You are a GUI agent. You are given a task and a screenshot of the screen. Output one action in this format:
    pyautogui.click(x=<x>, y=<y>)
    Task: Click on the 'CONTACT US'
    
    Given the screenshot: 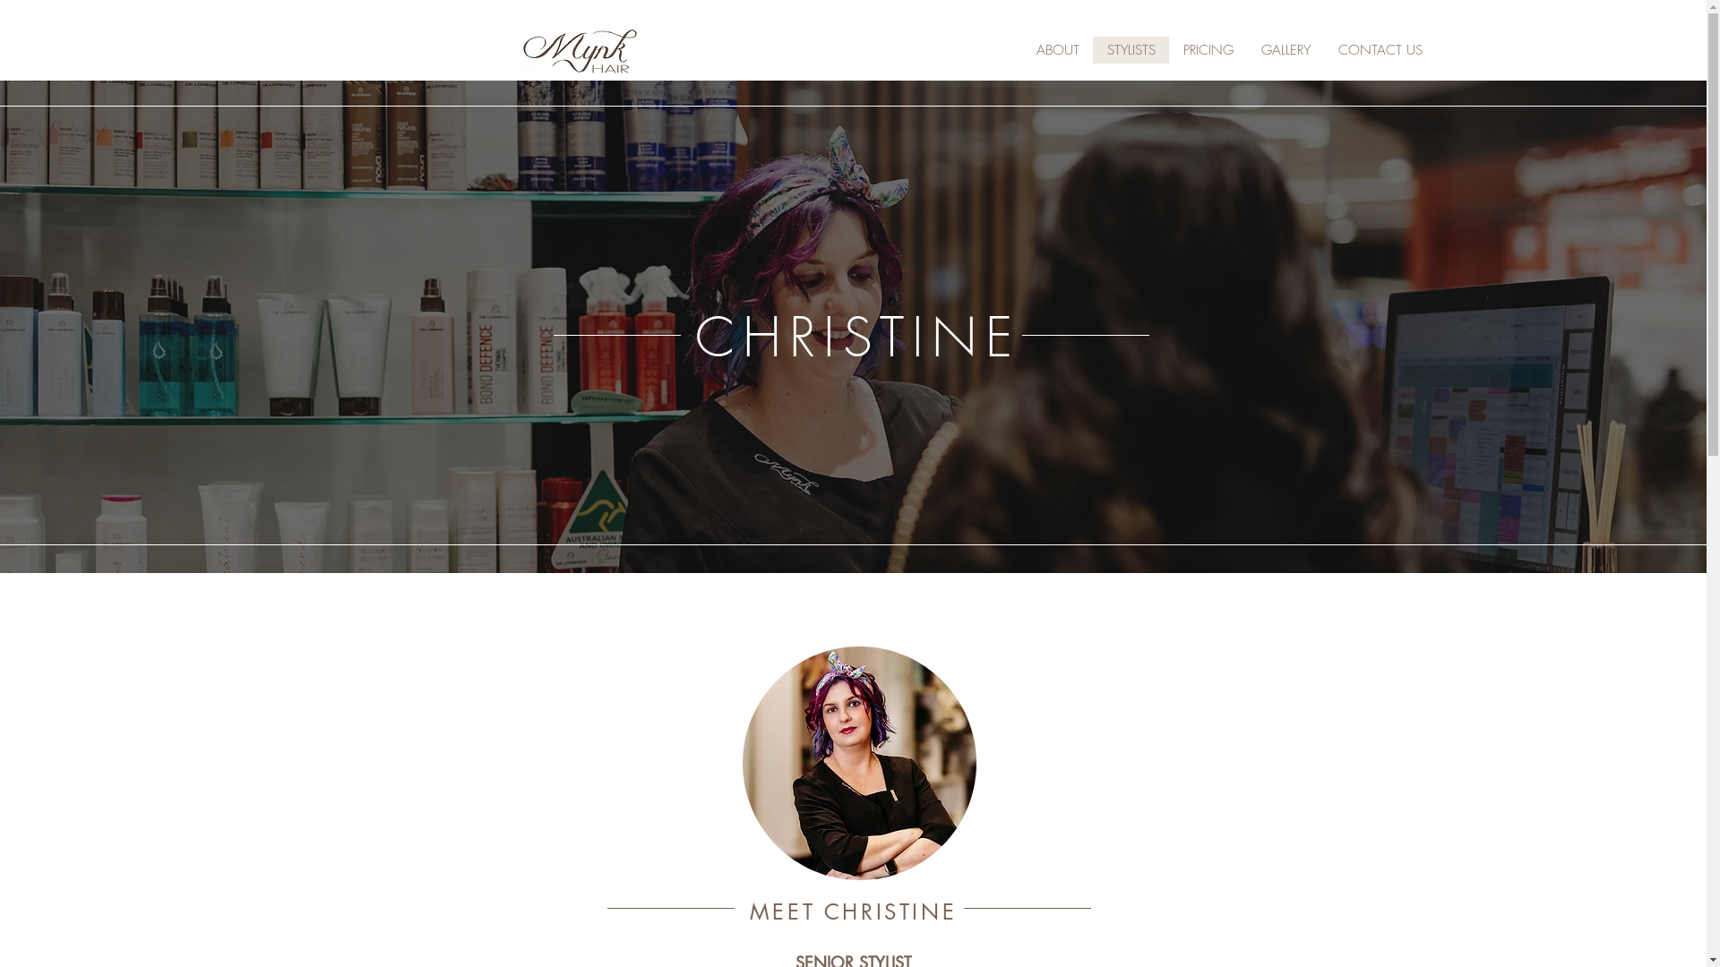 What is the action you would take?
    pyautogui.click(x=1379, y=49)
    